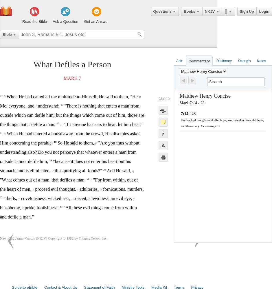  I want to click on 'adulteries,', so click(89, 189).